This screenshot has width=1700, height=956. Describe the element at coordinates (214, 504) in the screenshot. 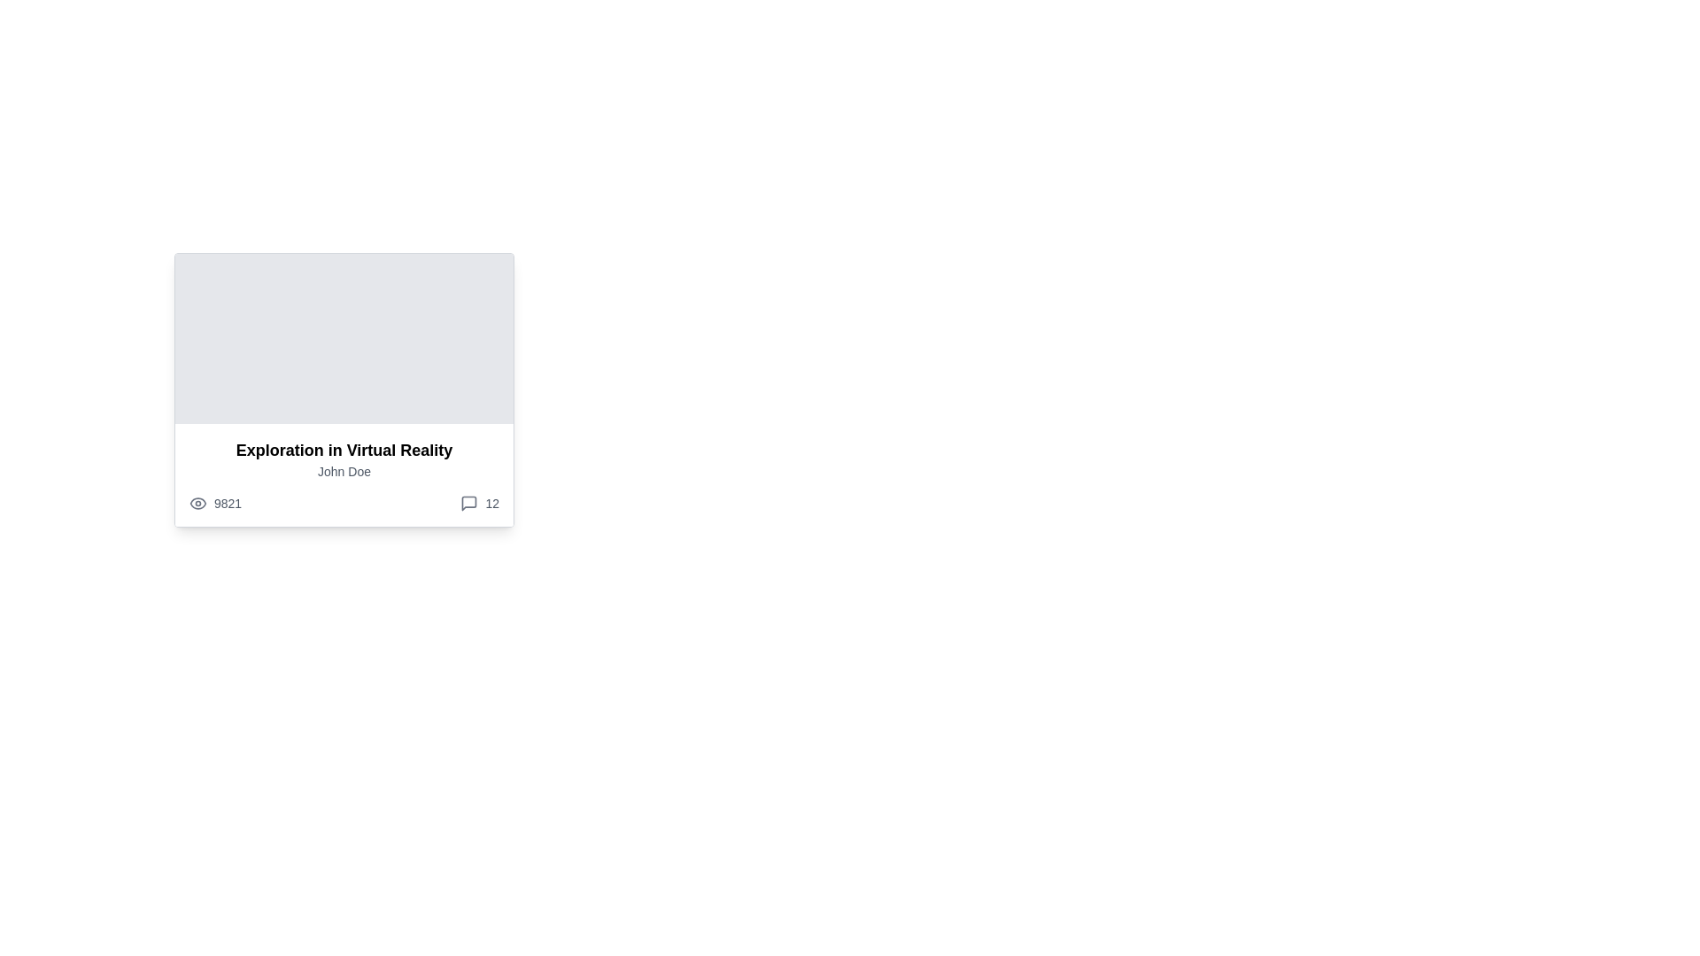

I see `the text display showing the number '9821' in small gray font, located to the right of the eye icon in the card's footer` at that location.